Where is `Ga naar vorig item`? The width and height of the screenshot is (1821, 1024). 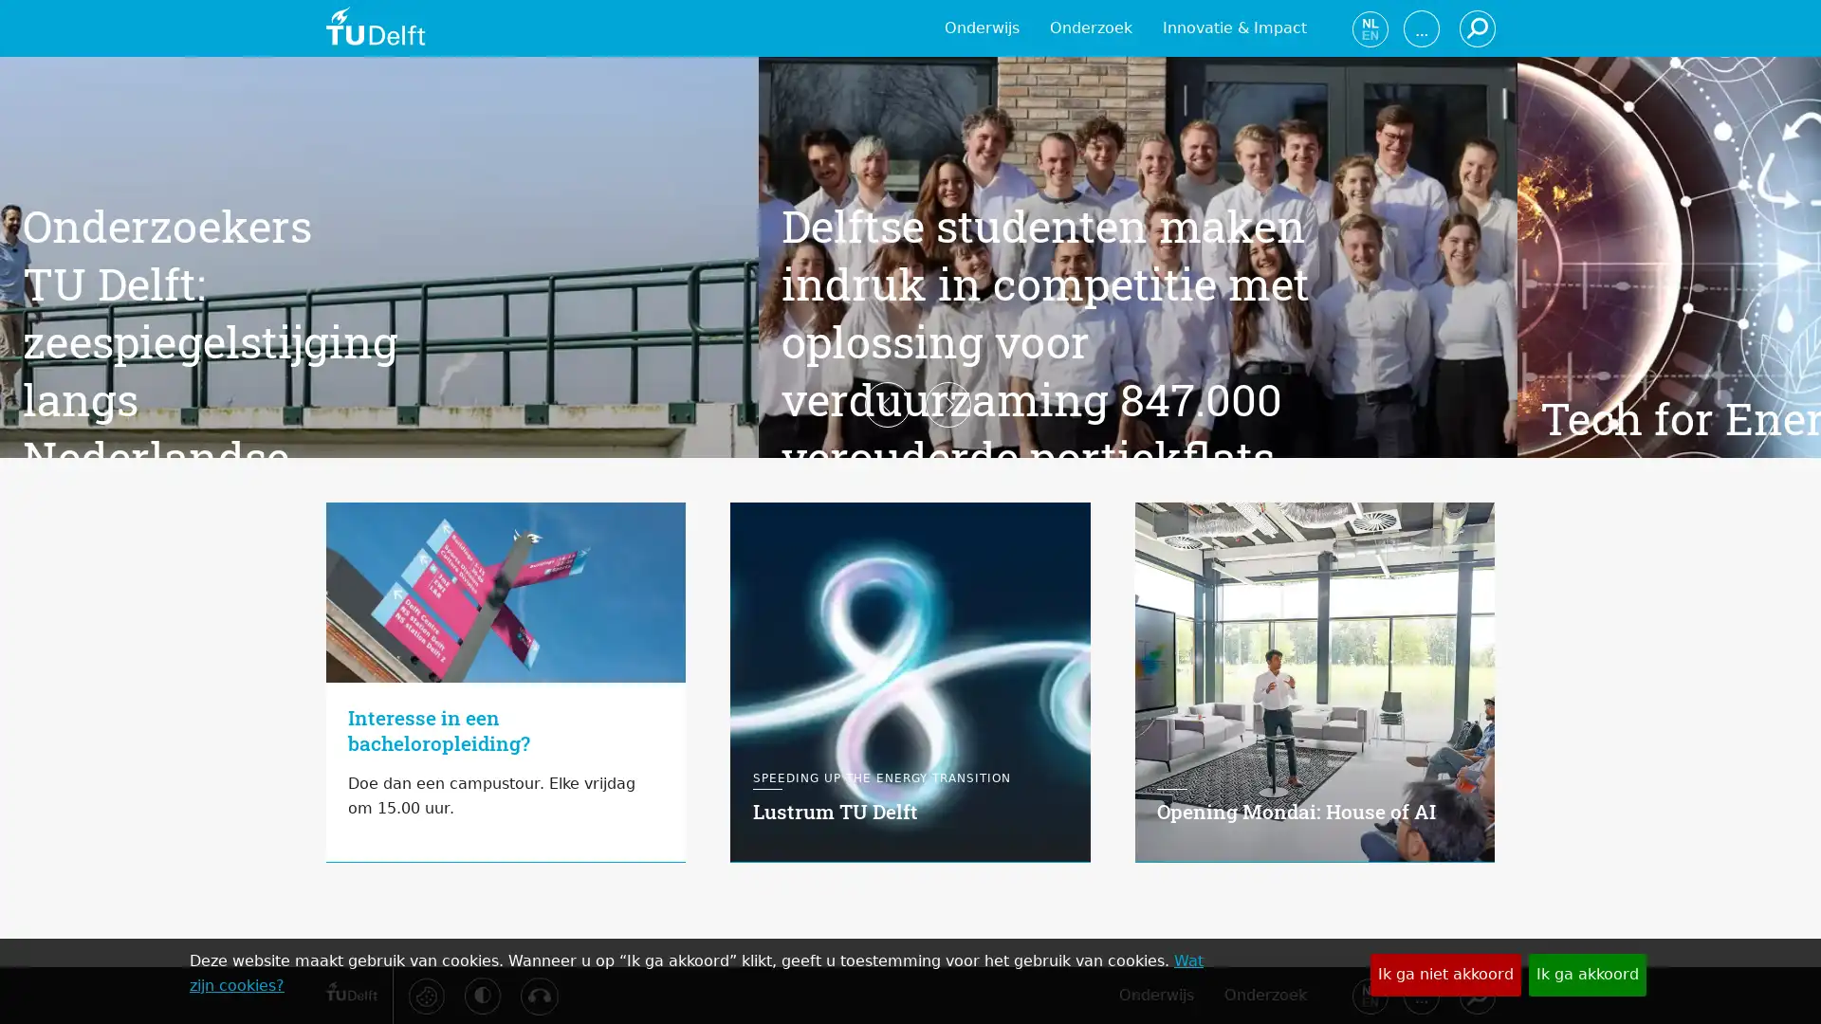
Ga naar vorig item is located at coordinates (295, 512).